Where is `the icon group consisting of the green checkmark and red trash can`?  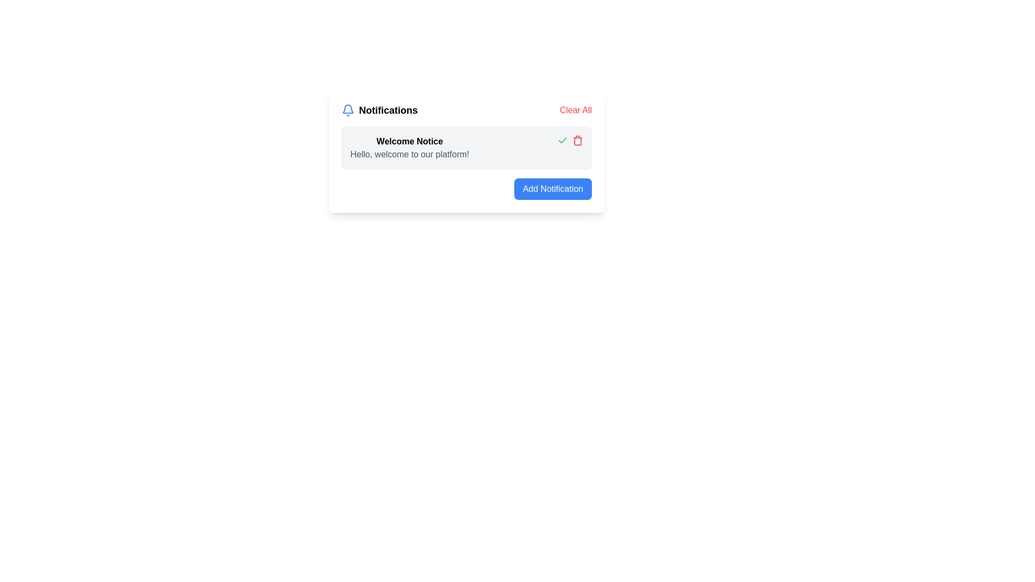
the icon group consisting of the green checkmark and red trash can is located at coordinates (569, 140).